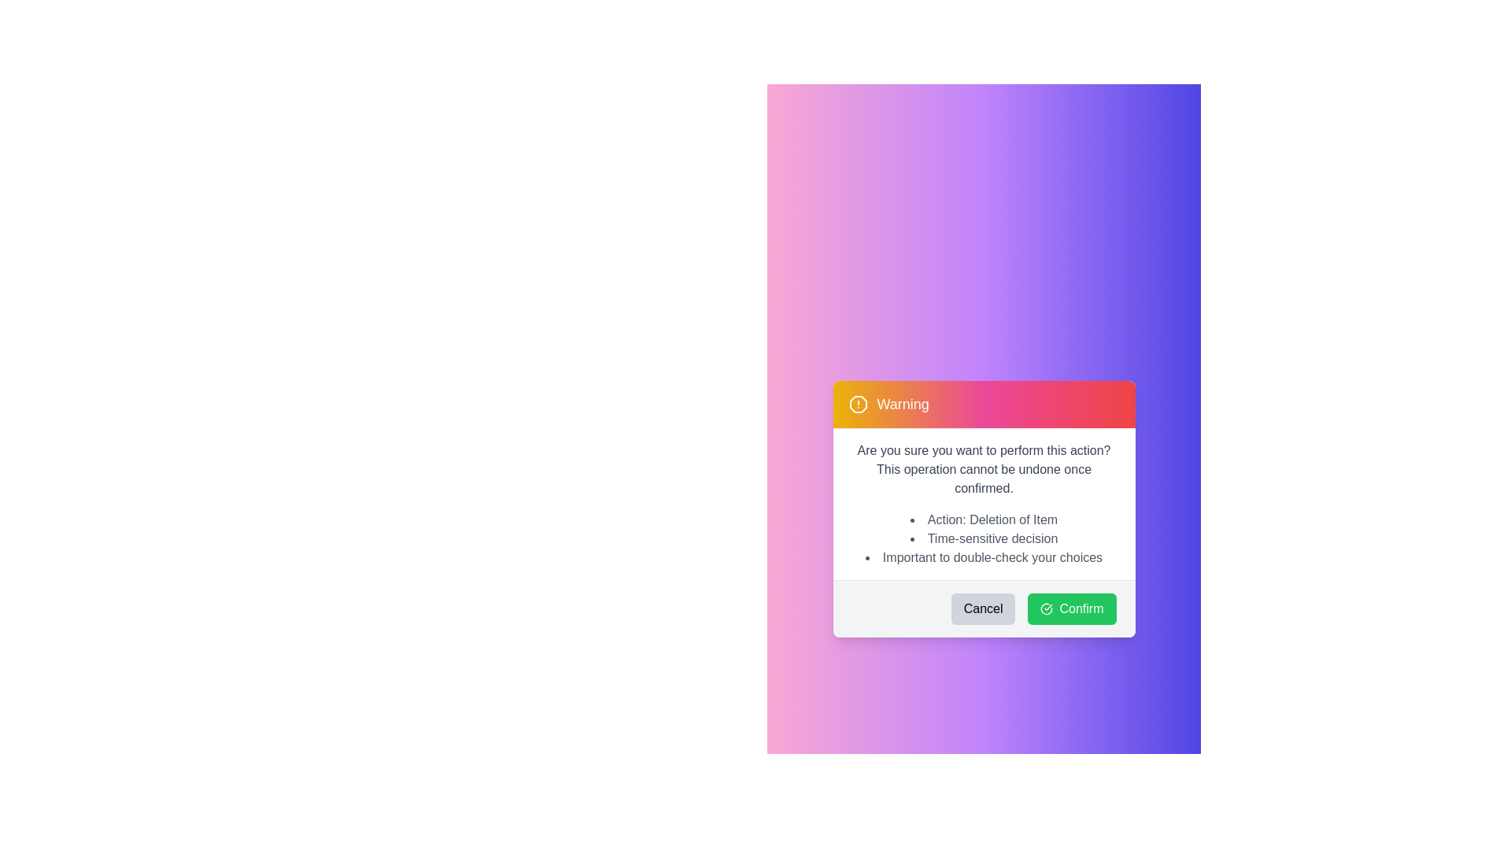 The image size is (1511, 850). I want to click on the yellow outlined octagonal icon with a white exclamation mark located at the top-left corner of the 'Warning' dialog box, so click(857, 403).